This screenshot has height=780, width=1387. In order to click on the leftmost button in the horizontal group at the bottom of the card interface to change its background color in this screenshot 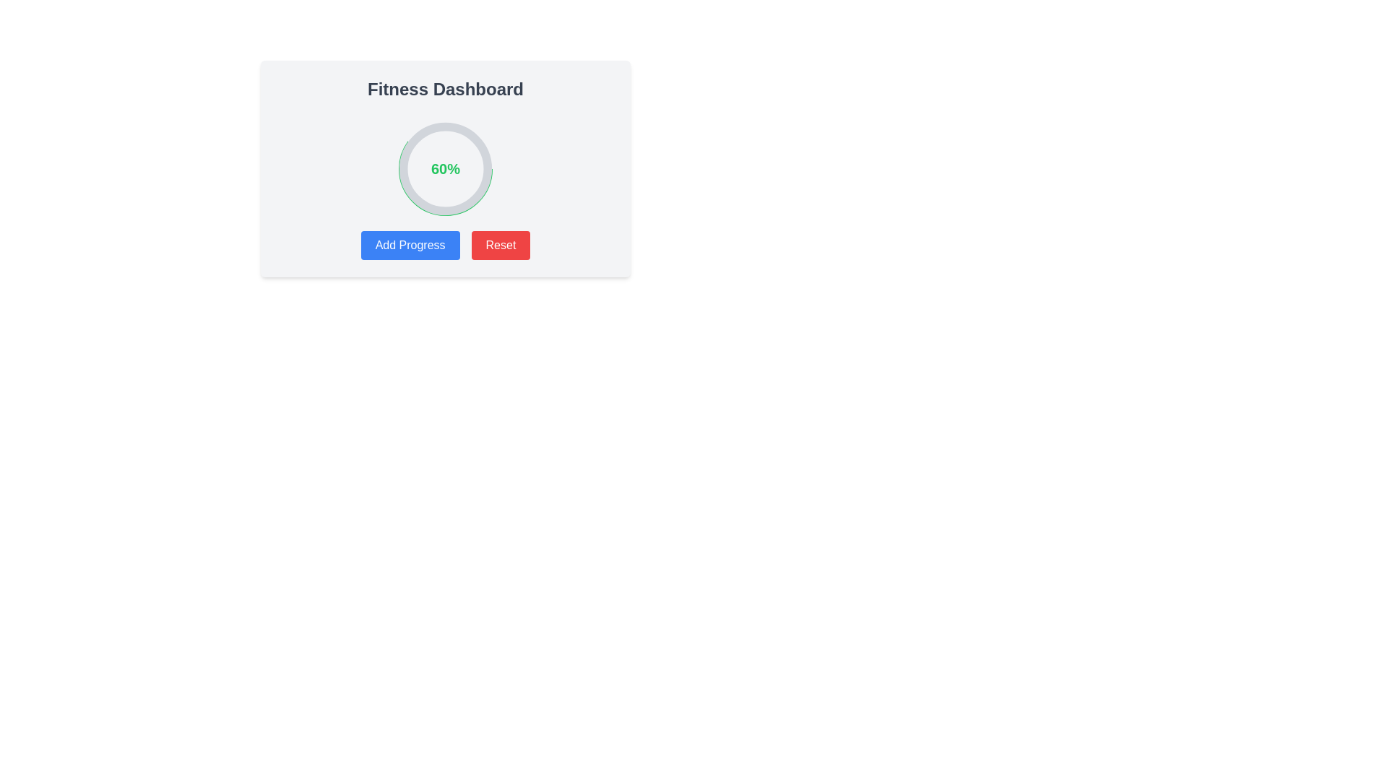, I will do `click(410, 244)`.